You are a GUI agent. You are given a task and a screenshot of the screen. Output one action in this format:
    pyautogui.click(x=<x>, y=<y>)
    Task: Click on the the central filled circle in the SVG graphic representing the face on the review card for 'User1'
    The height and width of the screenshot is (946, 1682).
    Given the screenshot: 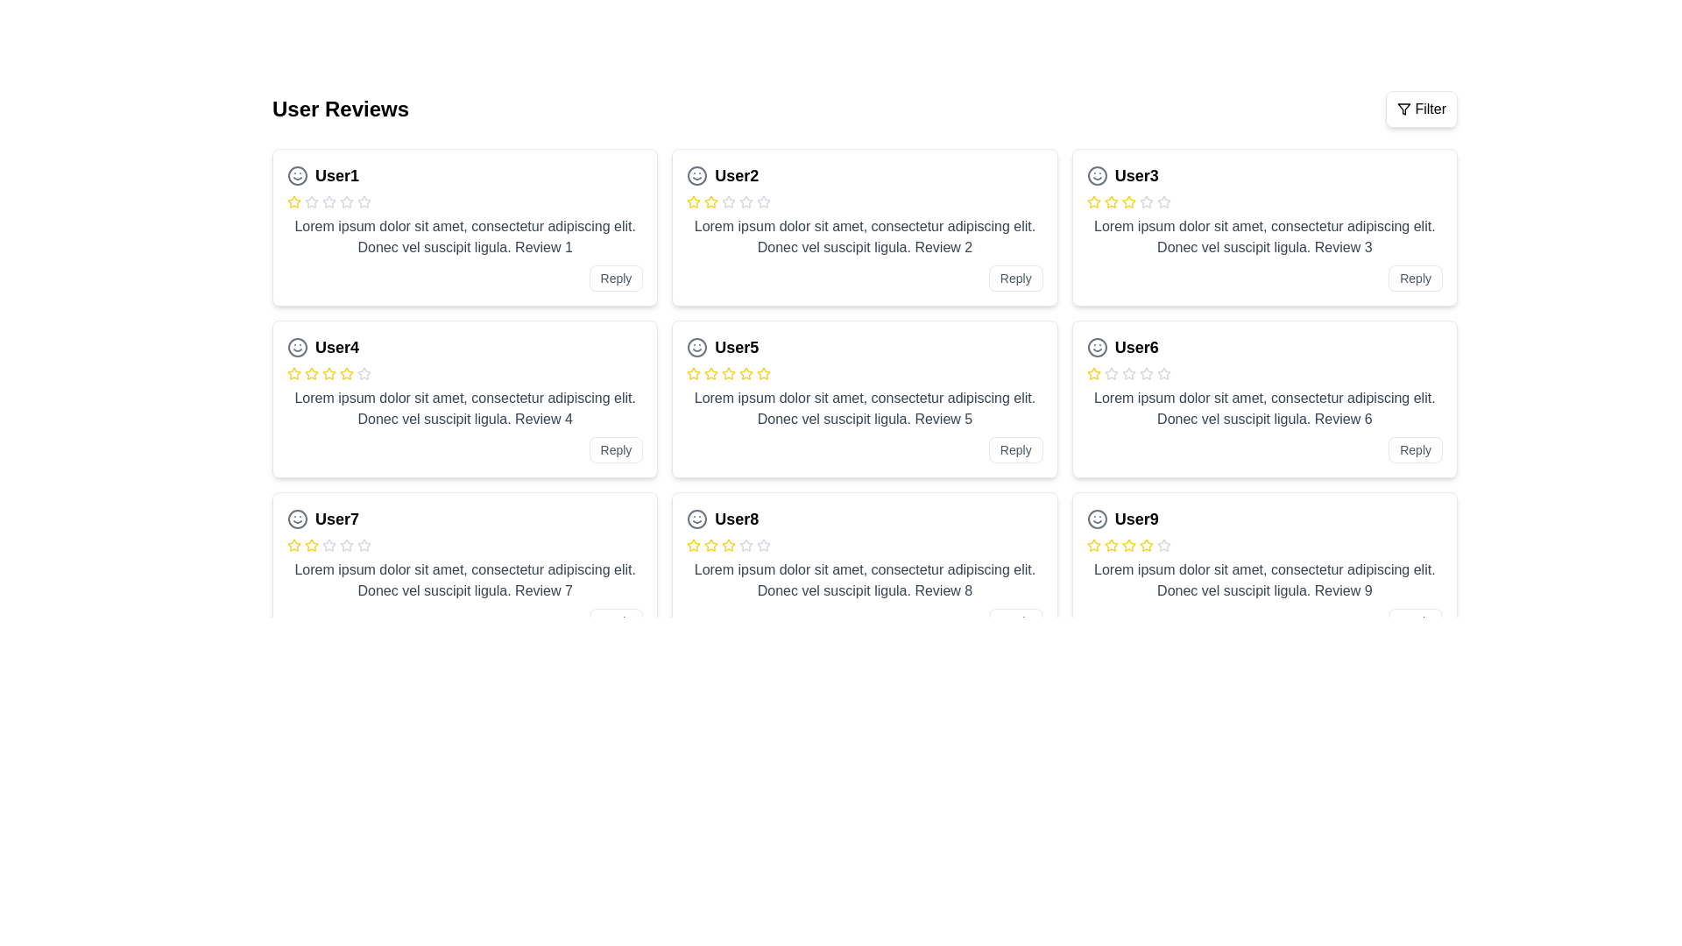 What is the action you would take?
    pyautogui.click(x=298, y=175)
    